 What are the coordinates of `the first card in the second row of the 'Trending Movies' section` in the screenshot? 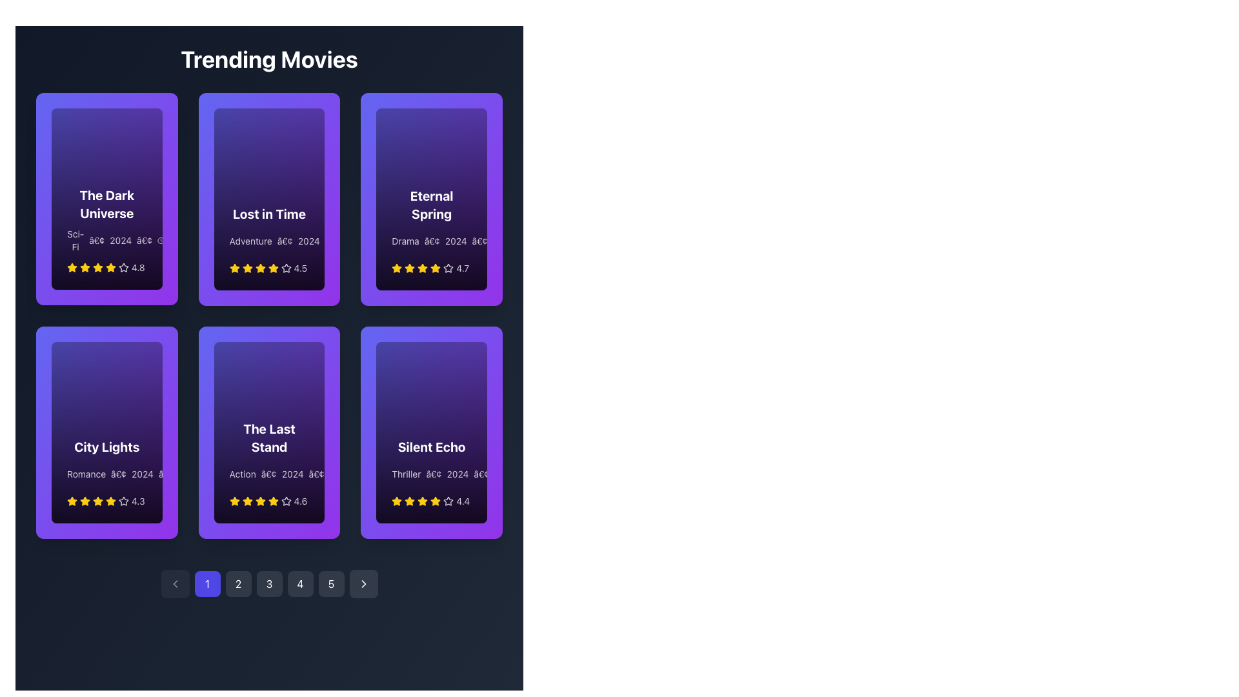 It's located at (106, 432).